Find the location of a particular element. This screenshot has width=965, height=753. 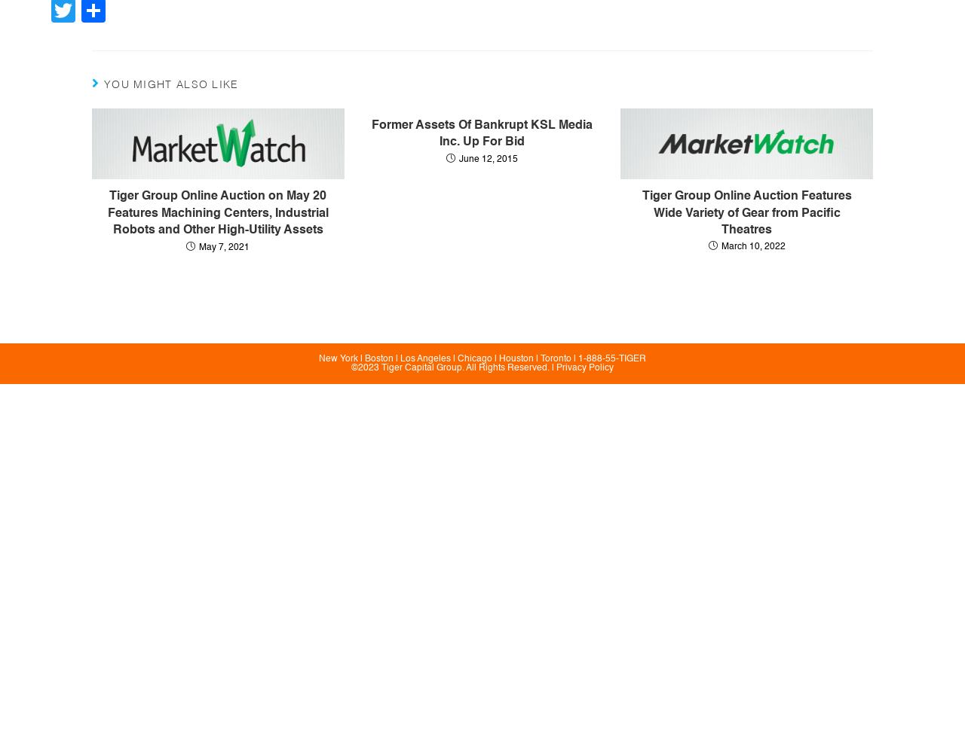

'Former Assets Of Bankrupt KSL Media Inc. Up For Bid' is located at coordinates (481, 134).